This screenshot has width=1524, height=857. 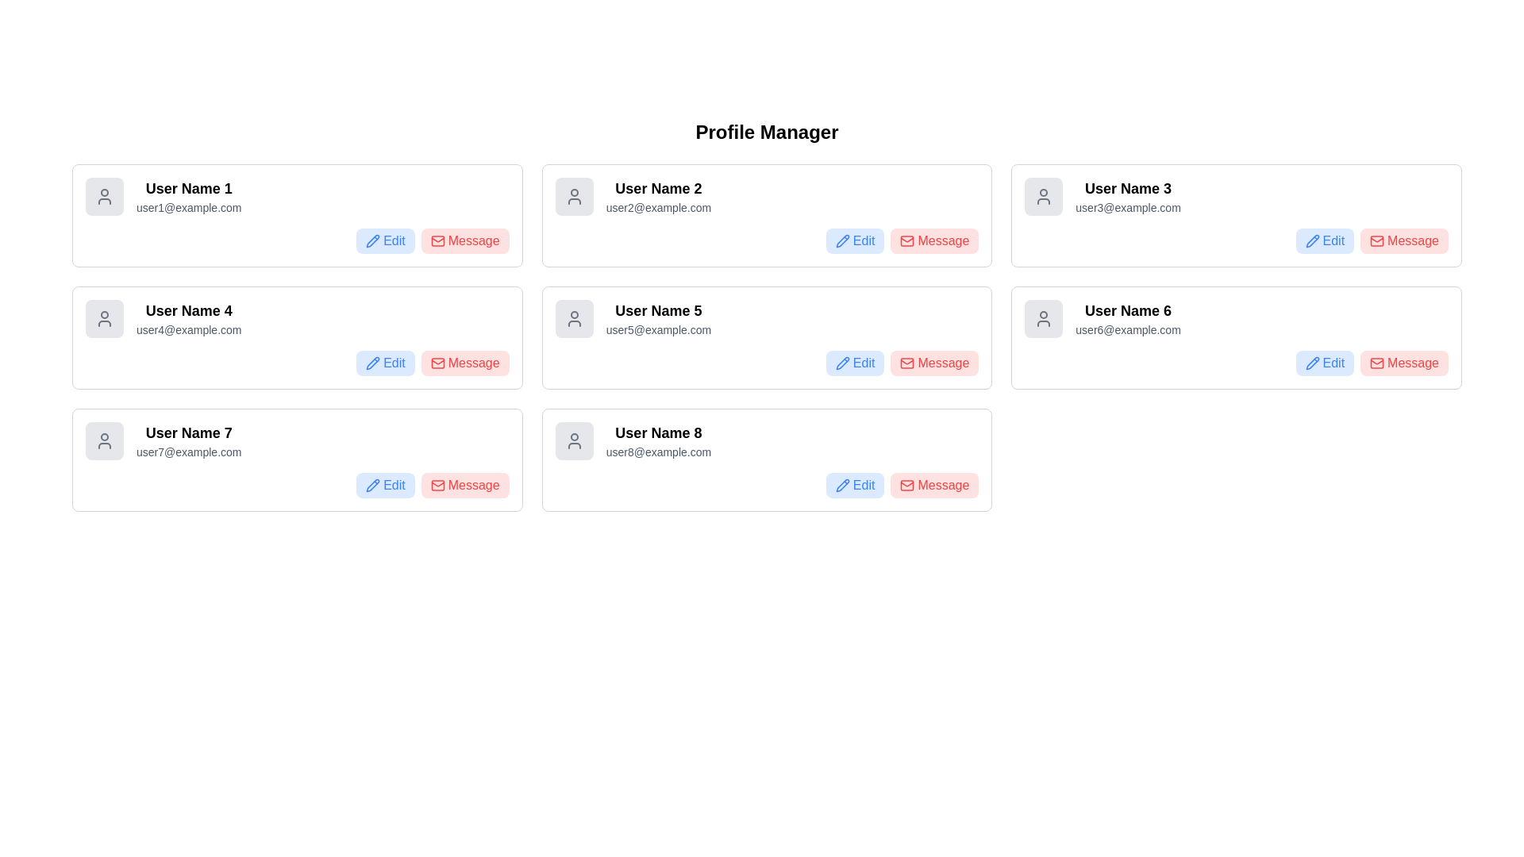 What do you see at coordinates (473, 241) in the screenshot?
I see `the button label within the profile card titled 'User Name 1' to focus on the button` at bounding box center [473, 241].